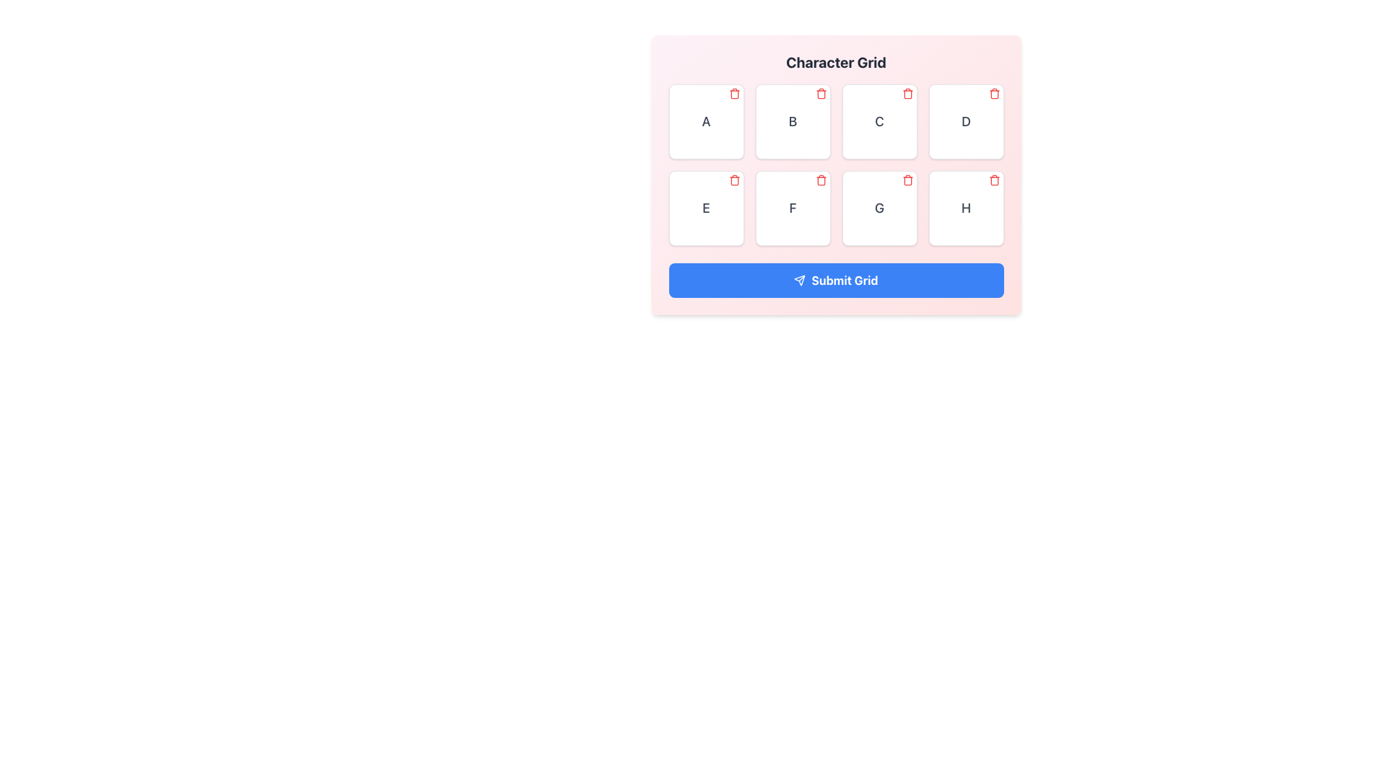  I want to click on the character selection box located in the third position of the top row in the character grid, so click(879, 121).